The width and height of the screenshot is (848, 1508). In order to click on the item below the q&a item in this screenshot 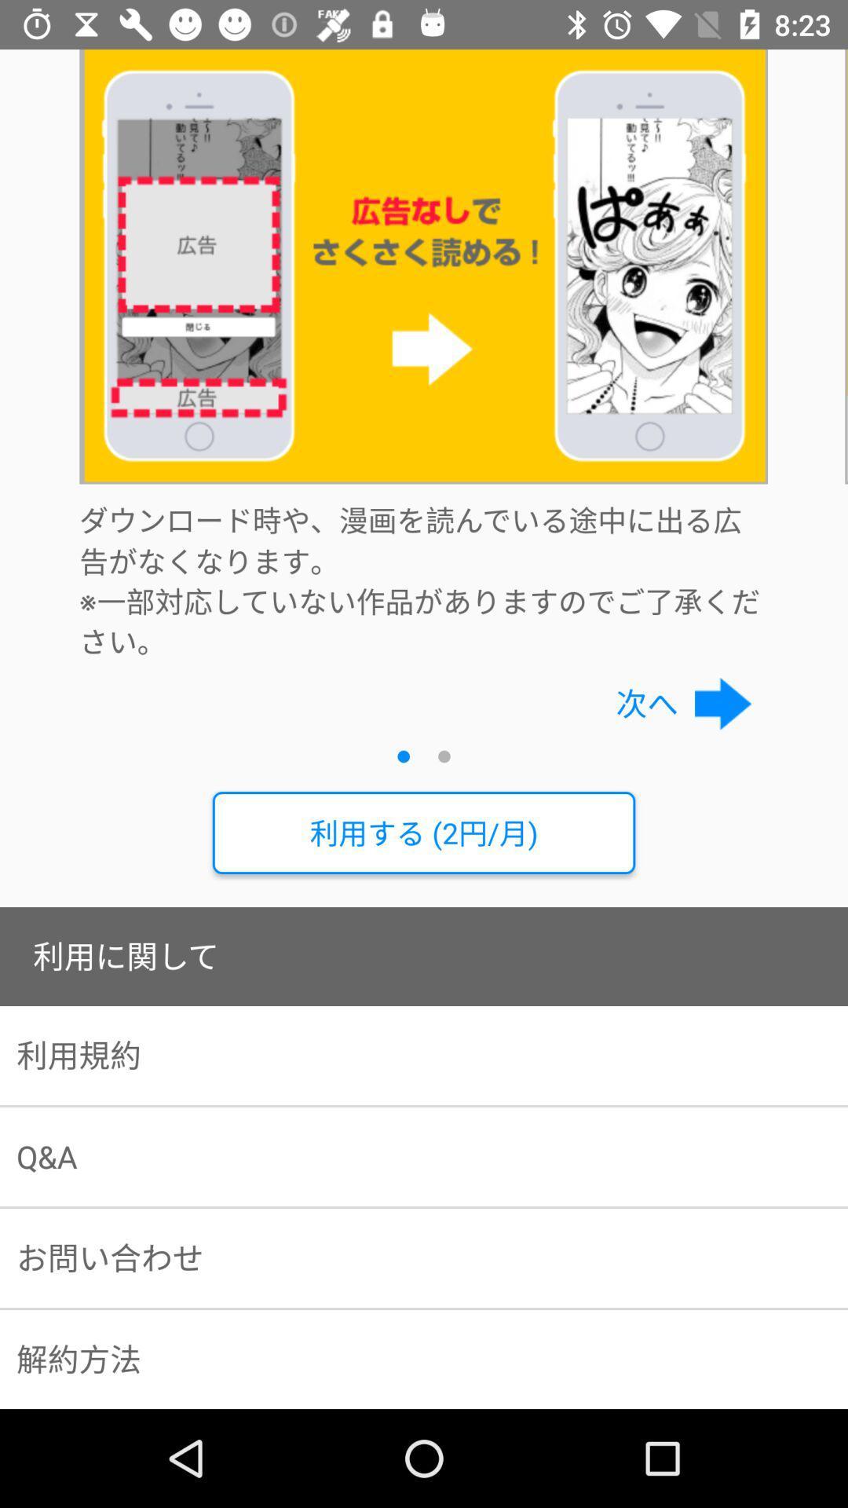, I will do `click(424, 1258)`.